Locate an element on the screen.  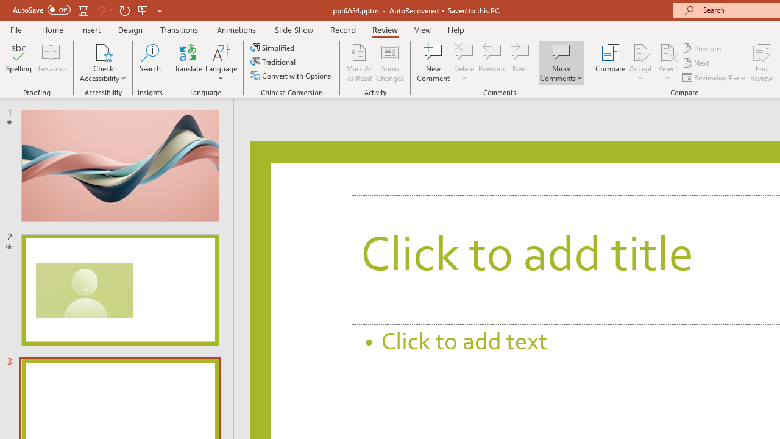
'Language' is located at coordinates (221, 63).